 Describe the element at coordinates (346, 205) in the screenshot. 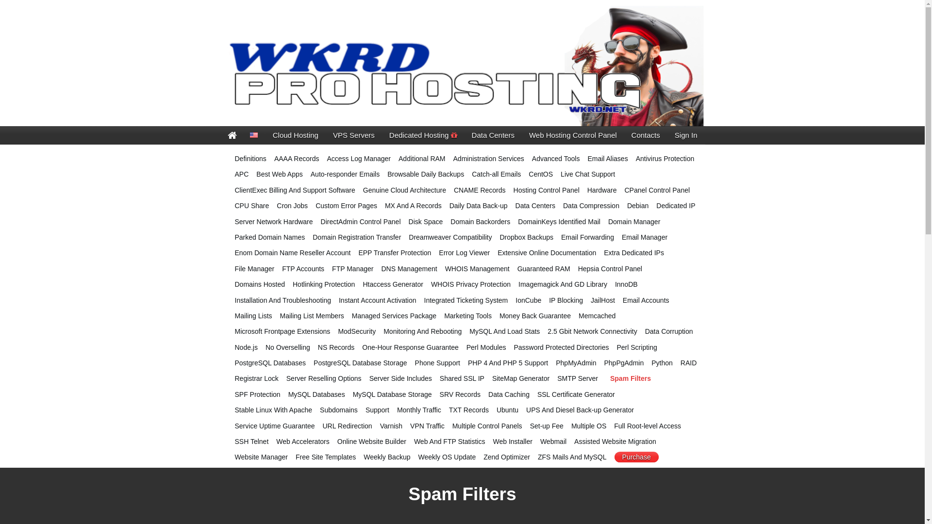

I see `'Custom Error Pages'` at that location.